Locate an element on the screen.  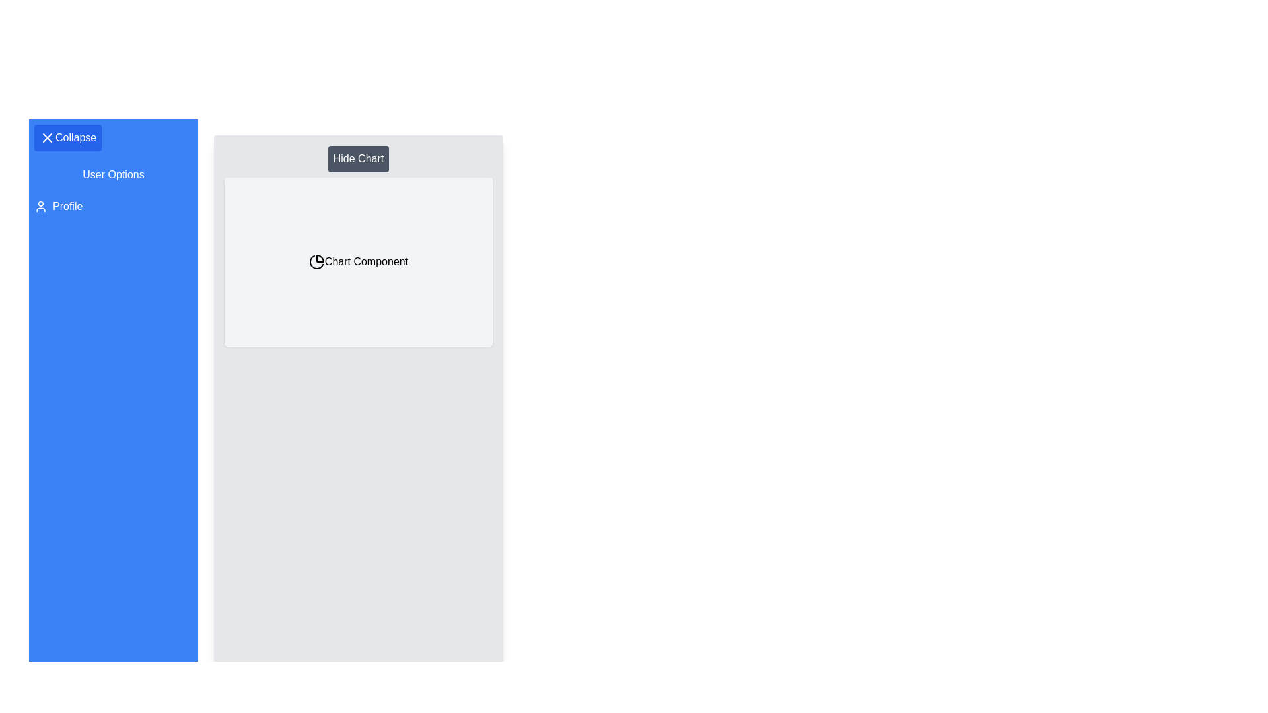
the user profile silhouette icon located in the sidebar menu, adjacent to the 'Profile' label is located at coordinates (41, 206).